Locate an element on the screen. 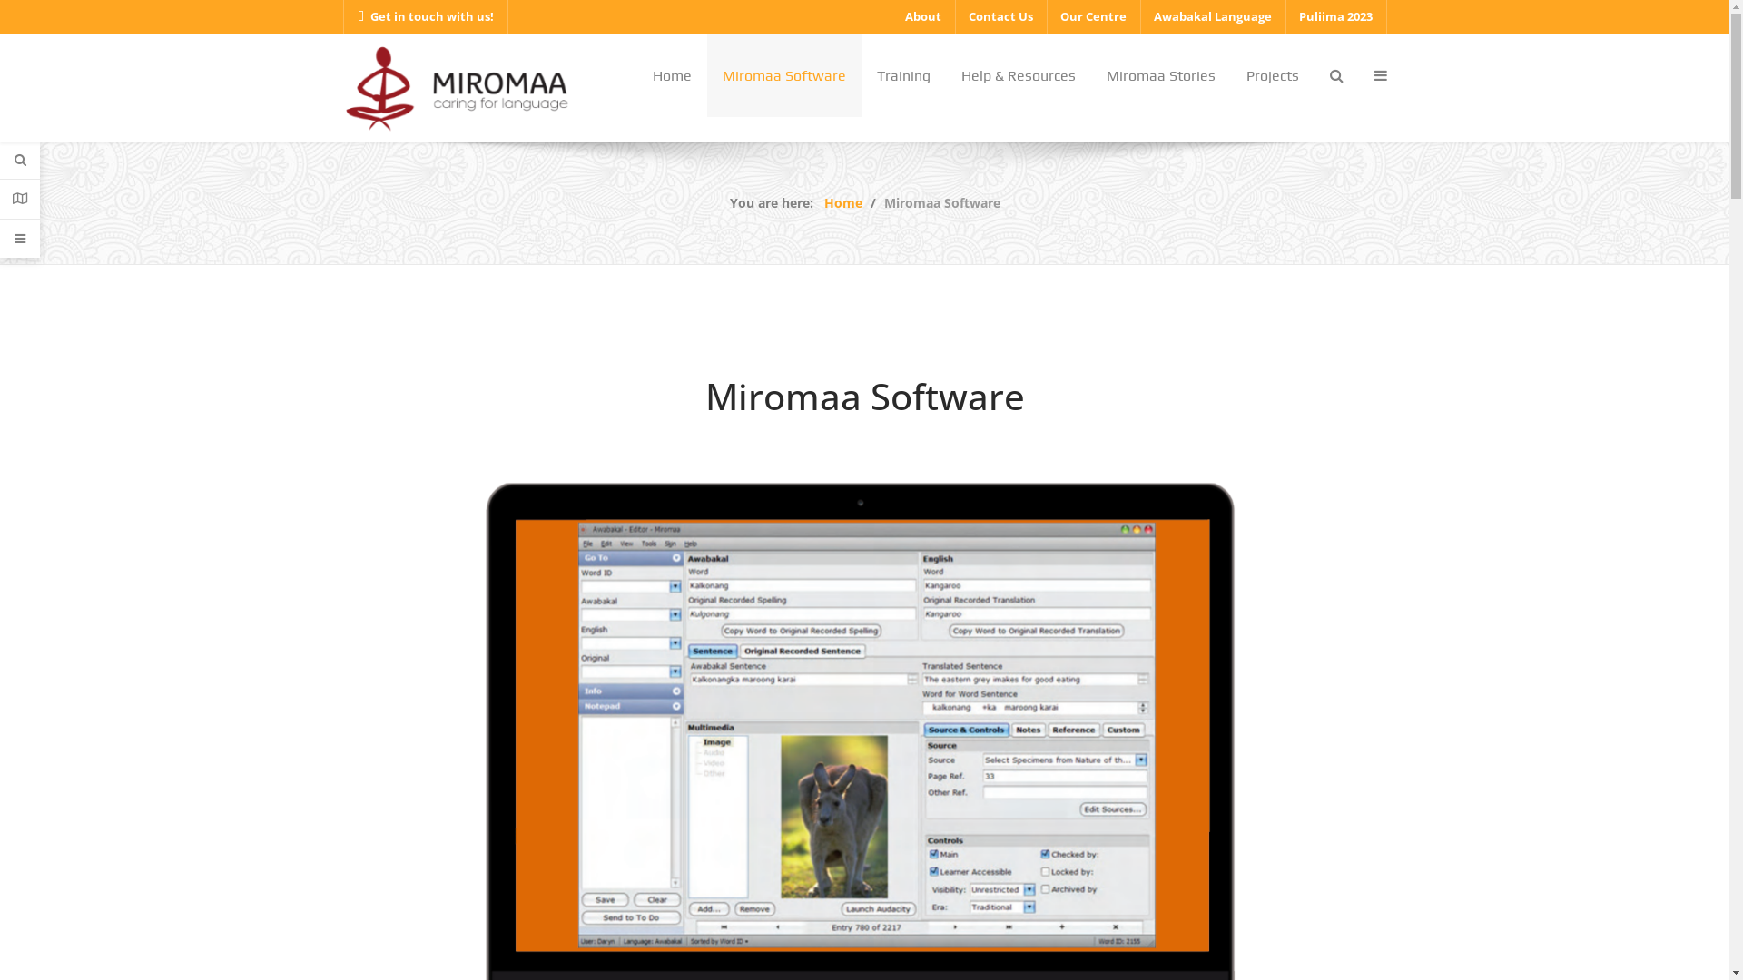  'Contact Us' is located at coordinates (1000, 17).